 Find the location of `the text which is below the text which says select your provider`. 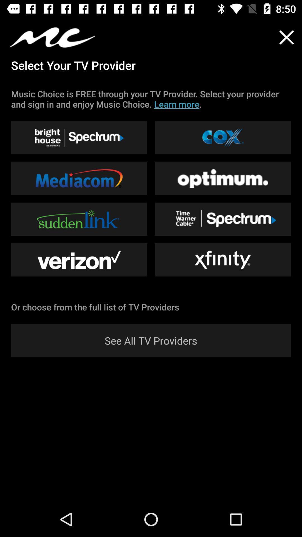

the text which is below the text which says select your provider is located at coordinates (151, 99).